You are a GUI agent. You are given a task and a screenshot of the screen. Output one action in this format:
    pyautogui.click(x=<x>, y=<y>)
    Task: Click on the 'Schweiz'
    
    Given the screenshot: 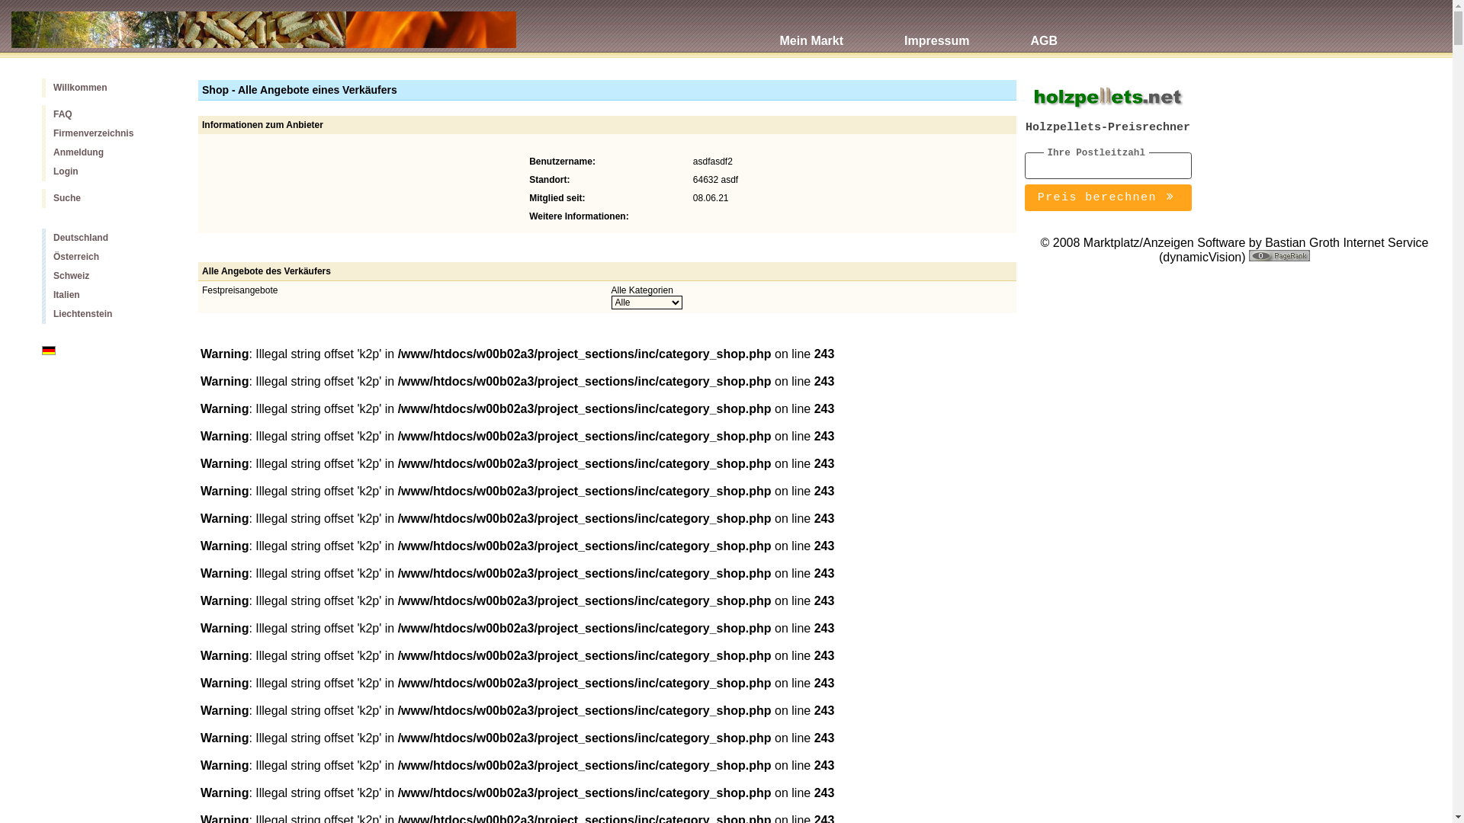 What is the action you would take?
    pyautogui.click(x=108, y=276)
    